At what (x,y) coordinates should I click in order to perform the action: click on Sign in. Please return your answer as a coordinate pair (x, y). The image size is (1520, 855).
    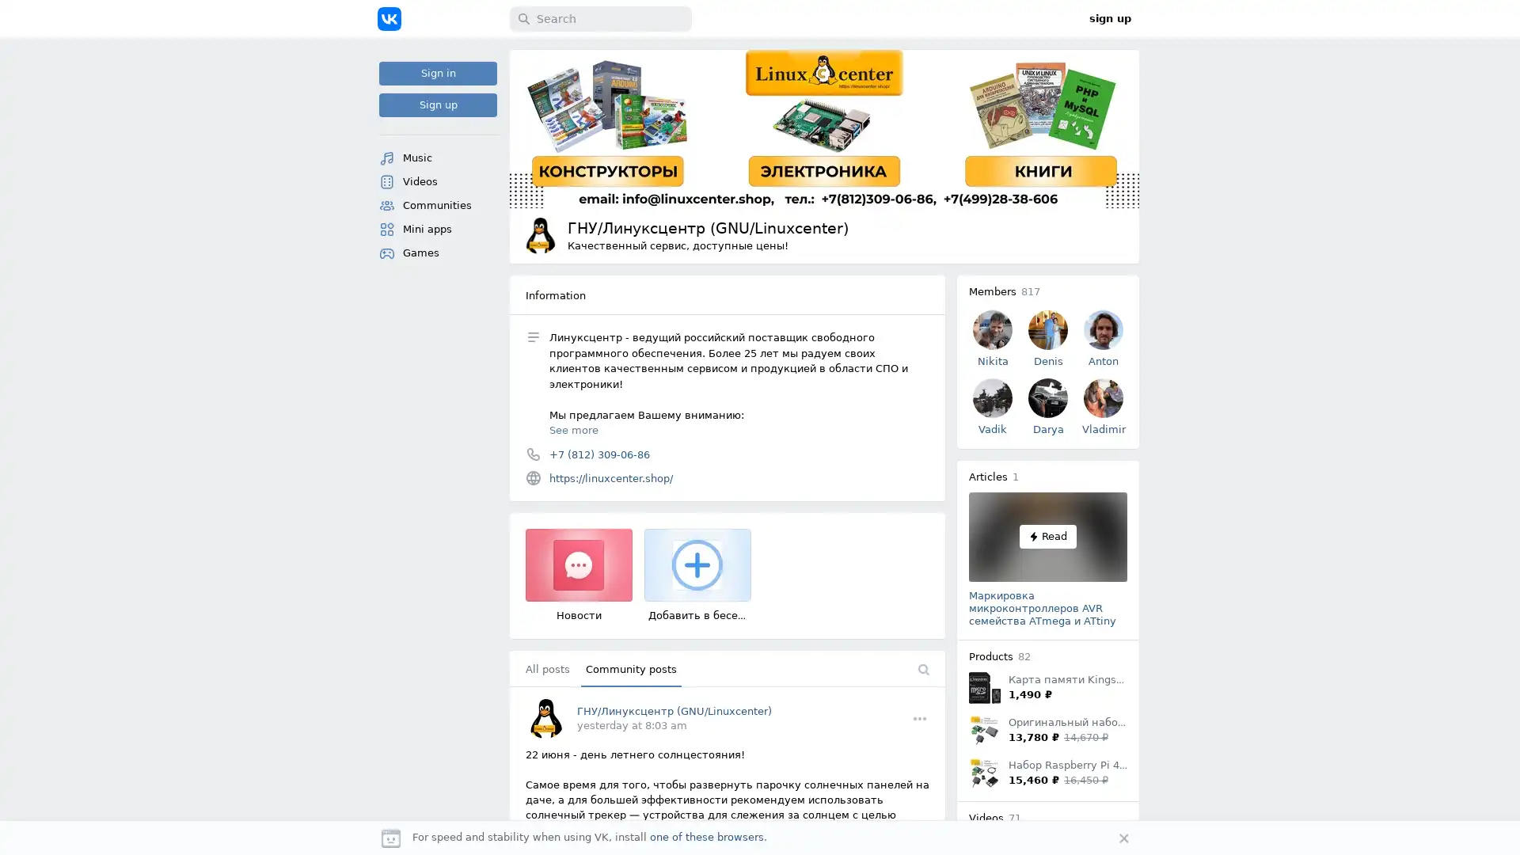
    Looking at the image, I should click on (438, 73).